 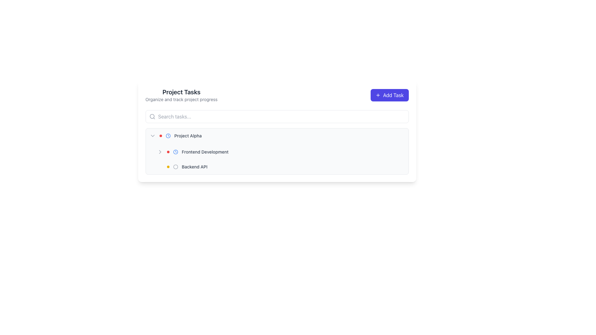 I want to click on the toggle button, so click(x=152, y=136).